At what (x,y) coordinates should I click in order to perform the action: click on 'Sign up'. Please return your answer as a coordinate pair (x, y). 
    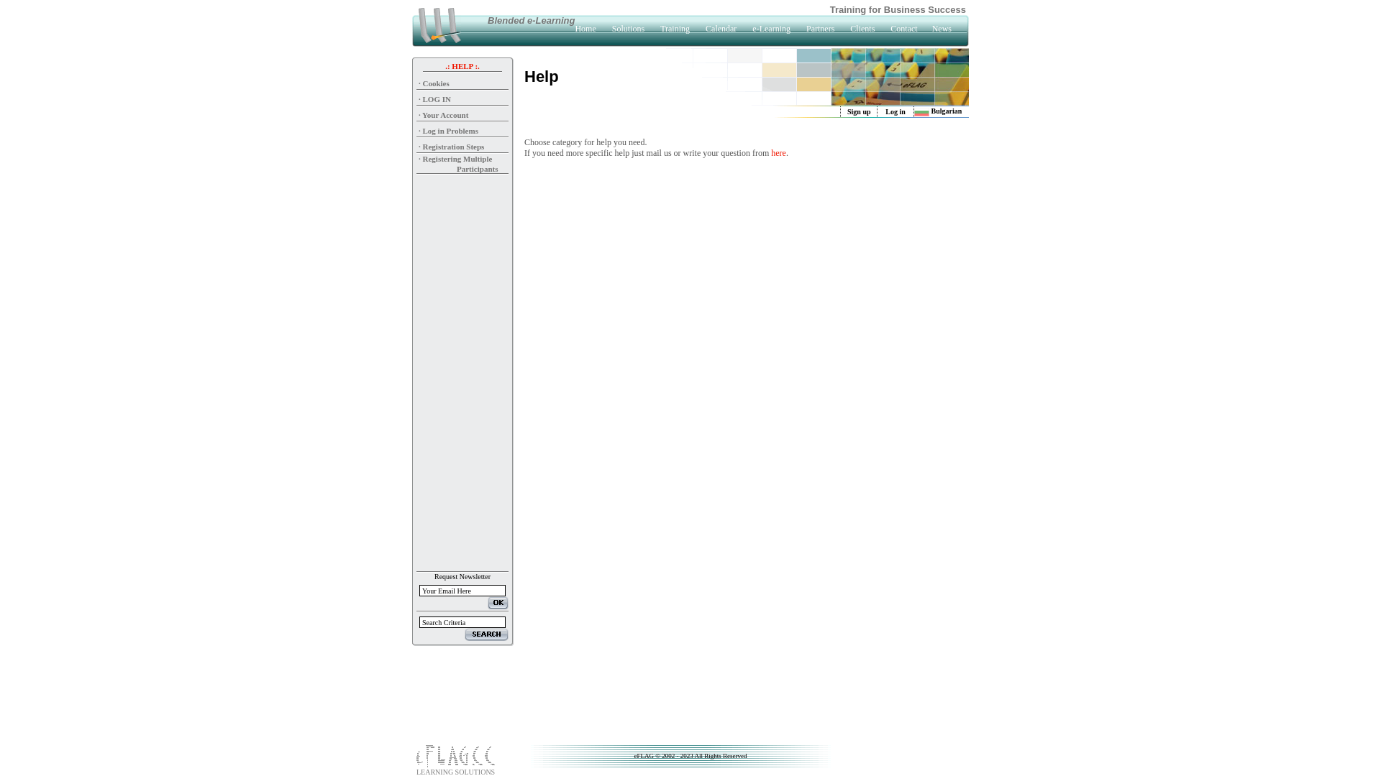
    Looking at the image, I should click on (859, 111).